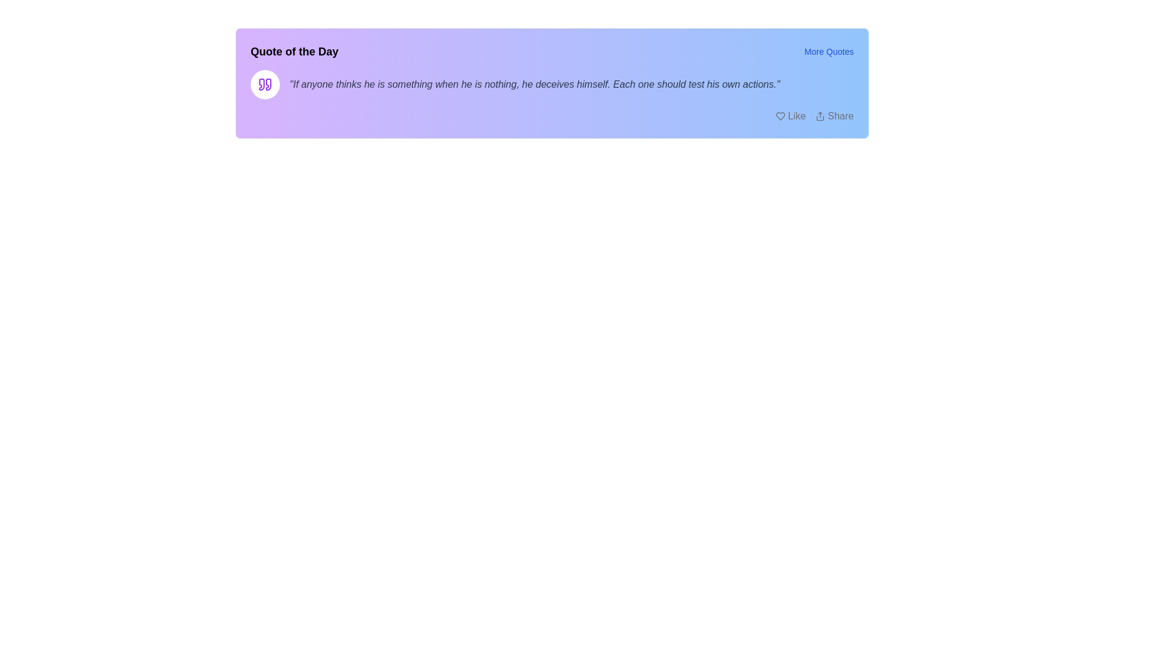 The image size is (1171, 658). Describe the element at coordinates (268, 83) in the screenshot. I see `the SVG-based decorative icon resembling an abstract quotation mark, located at the rightmost side of a pair of quotation marks in the 'Quote of the Day' card` at that location.